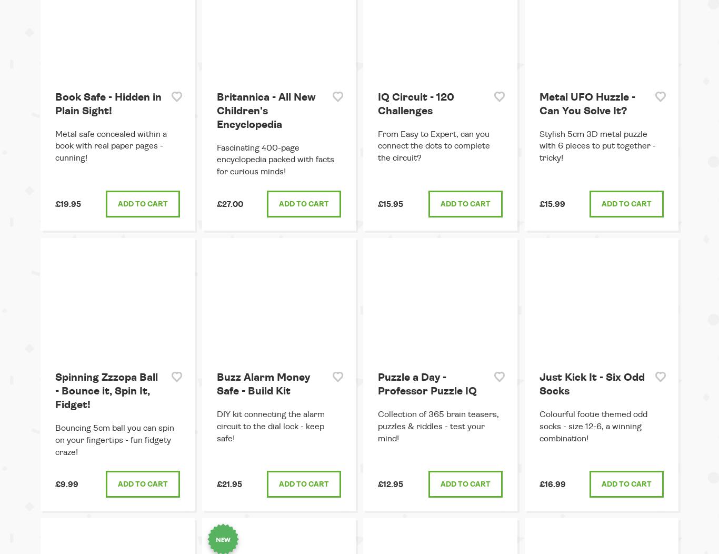 This screenshot has width=719, height=554. I want to click on '£16.99', so click(551, 484).